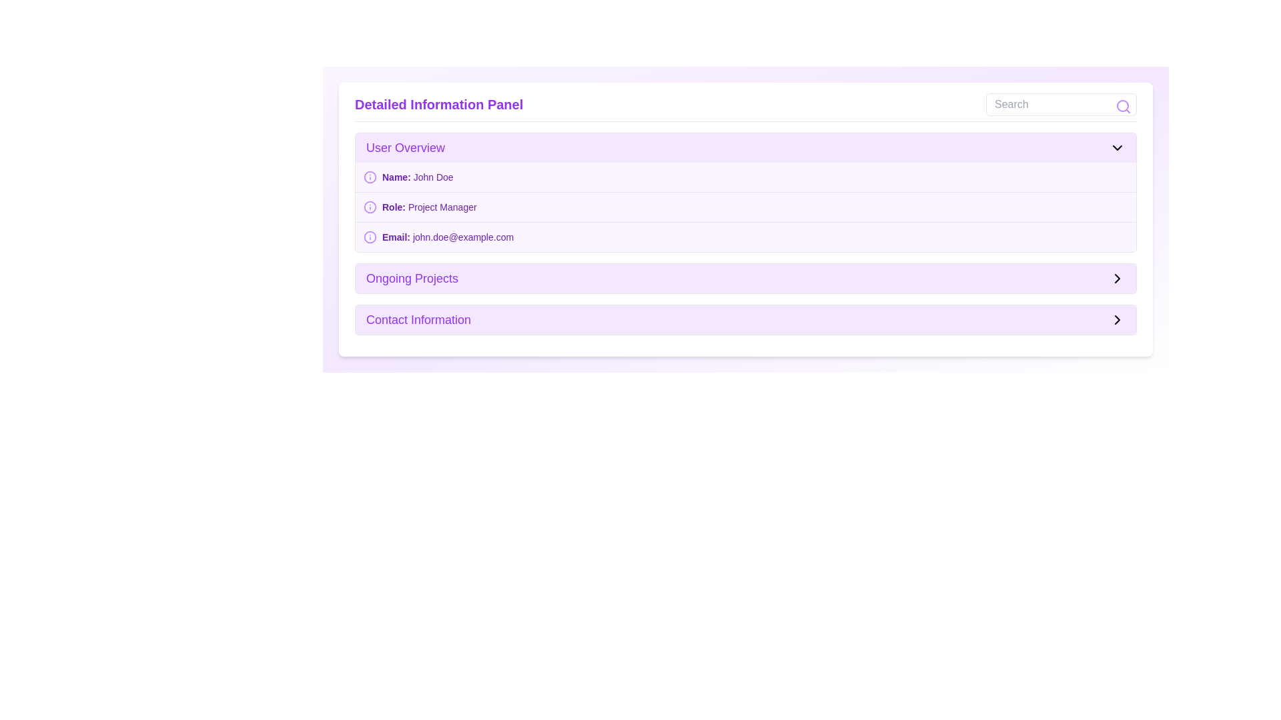 This screenshot has height=720, width=1281. Describe the element at coordinates (418, 319) in the screenshot. I see `text content of the 'Contact Information' header located in the 'Detailed Information Panel' under the 'Ongoing Projects' section` at that location.